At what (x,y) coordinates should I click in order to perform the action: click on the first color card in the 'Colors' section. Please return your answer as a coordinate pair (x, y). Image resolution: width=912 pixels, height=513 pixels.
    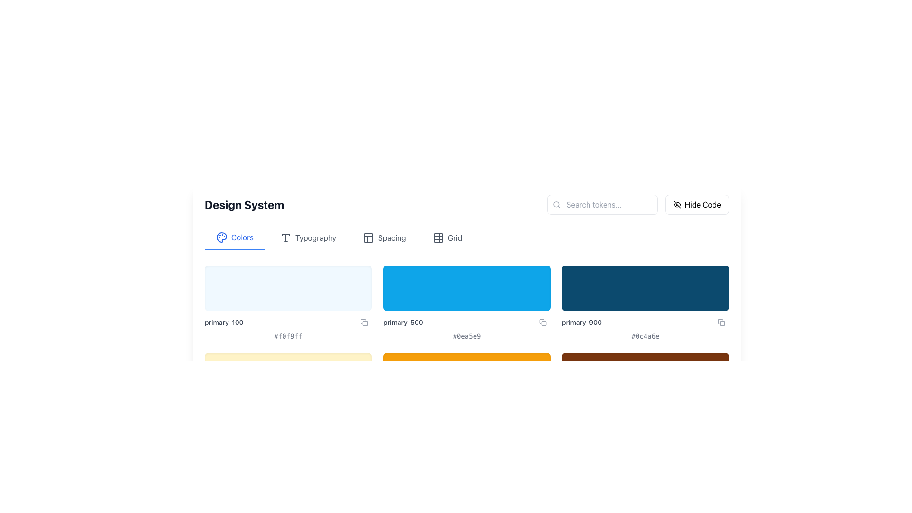
    Looking at the image, I should click on (287, 304).